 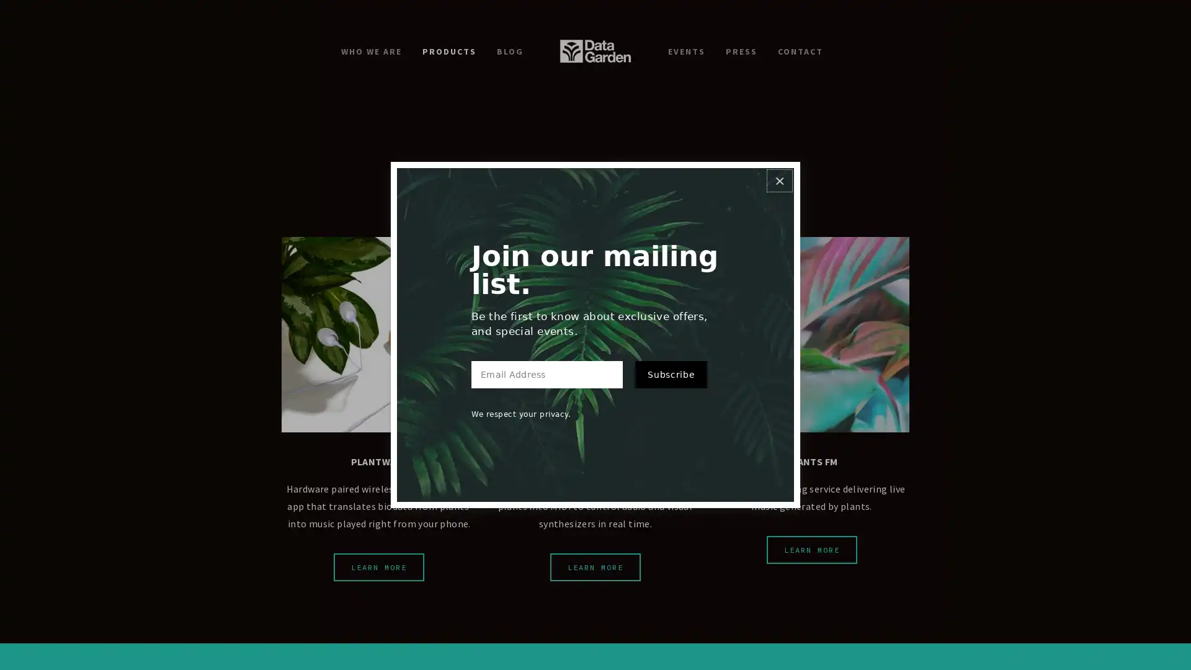 What do you see at coordinates (670, 382) in the screenshot?
I see `Subscribe` at bounding box center [670, 382].